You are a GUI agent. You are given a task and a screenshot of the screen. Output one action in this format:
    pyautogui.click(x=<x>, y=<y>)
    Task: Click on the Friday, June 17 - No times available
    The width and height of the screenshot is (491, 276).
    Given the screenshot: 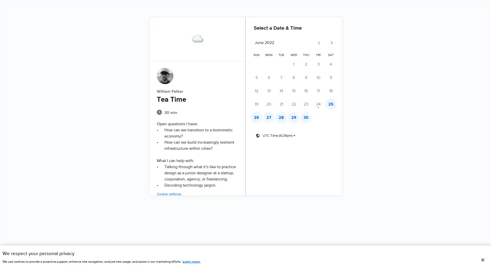 What is the action you would take?
    pyautogui.click(x=322, y=90)
    